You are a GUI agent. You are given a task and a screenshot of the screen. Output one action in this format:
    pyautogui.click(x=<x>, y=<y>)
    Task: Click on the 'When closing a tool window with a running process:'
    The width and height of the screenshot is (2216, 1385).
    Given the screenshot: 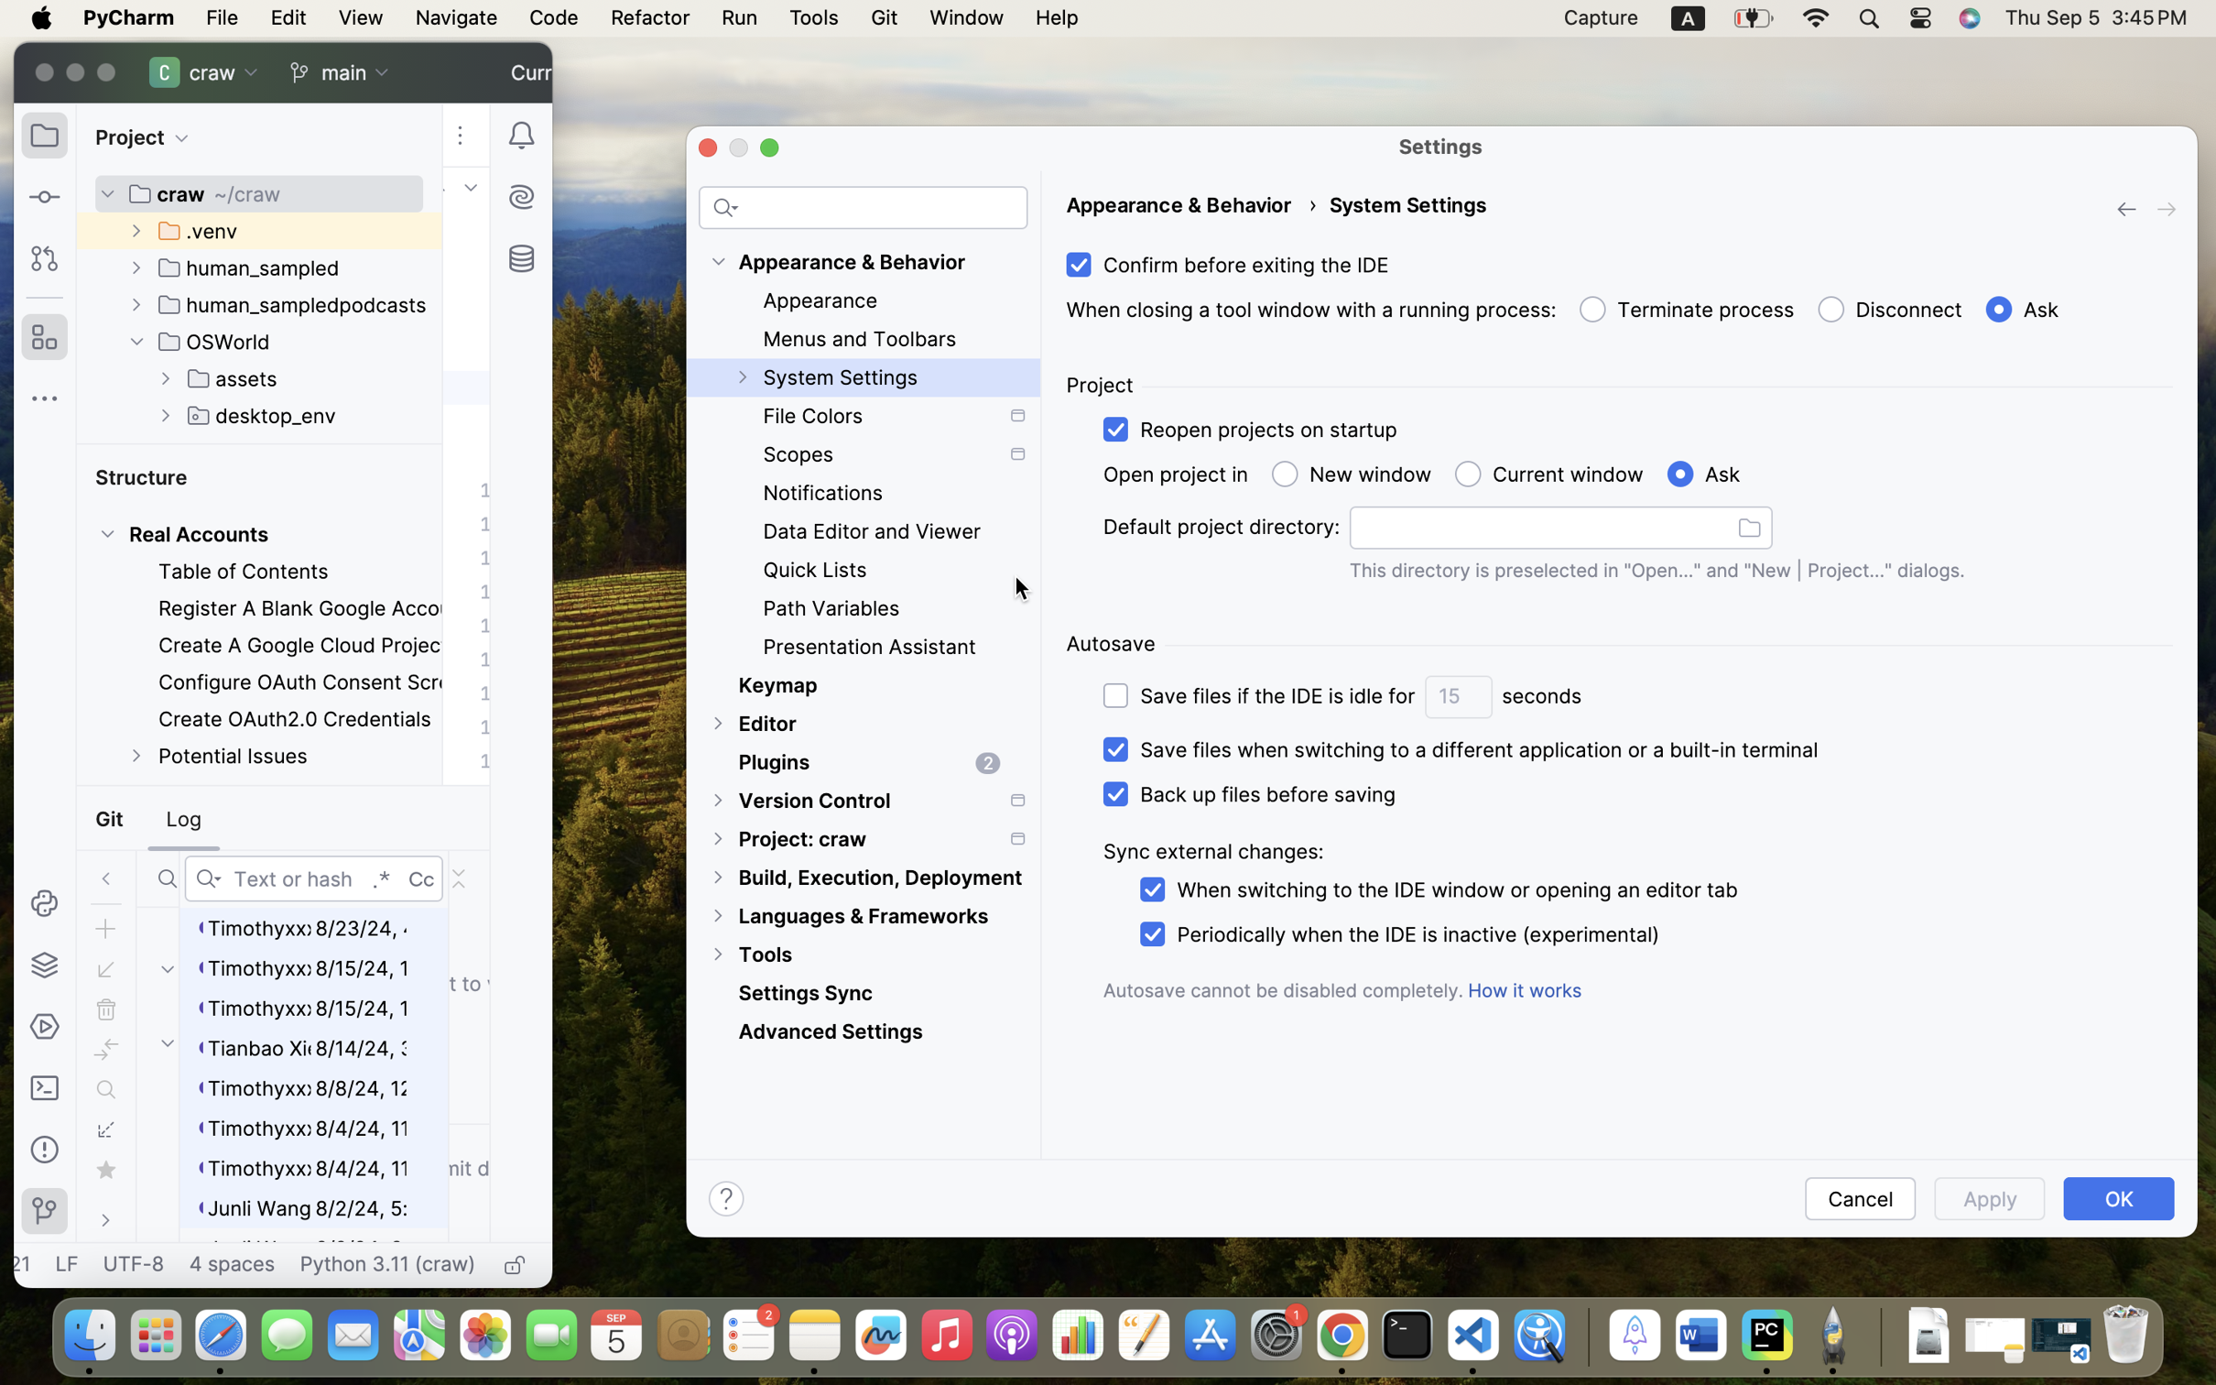 What is the action you would take?
    pyautogui.click(x=1310, y=311)
    